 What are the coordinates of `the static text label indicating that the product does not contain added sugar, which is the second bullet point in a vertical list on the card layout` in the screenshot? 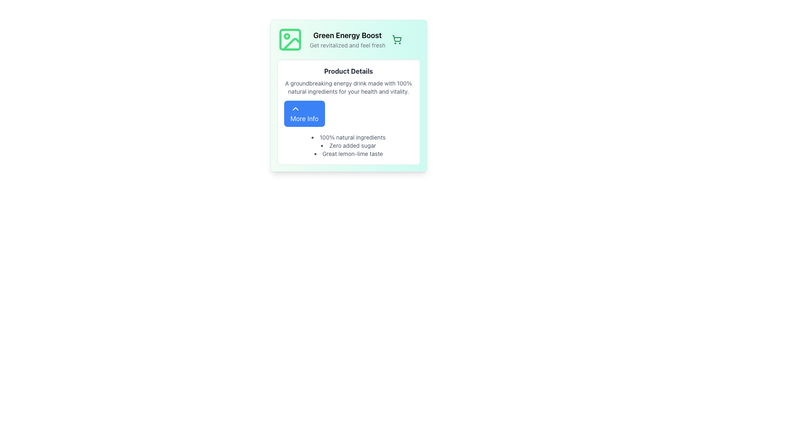 It's located at (348, 145).